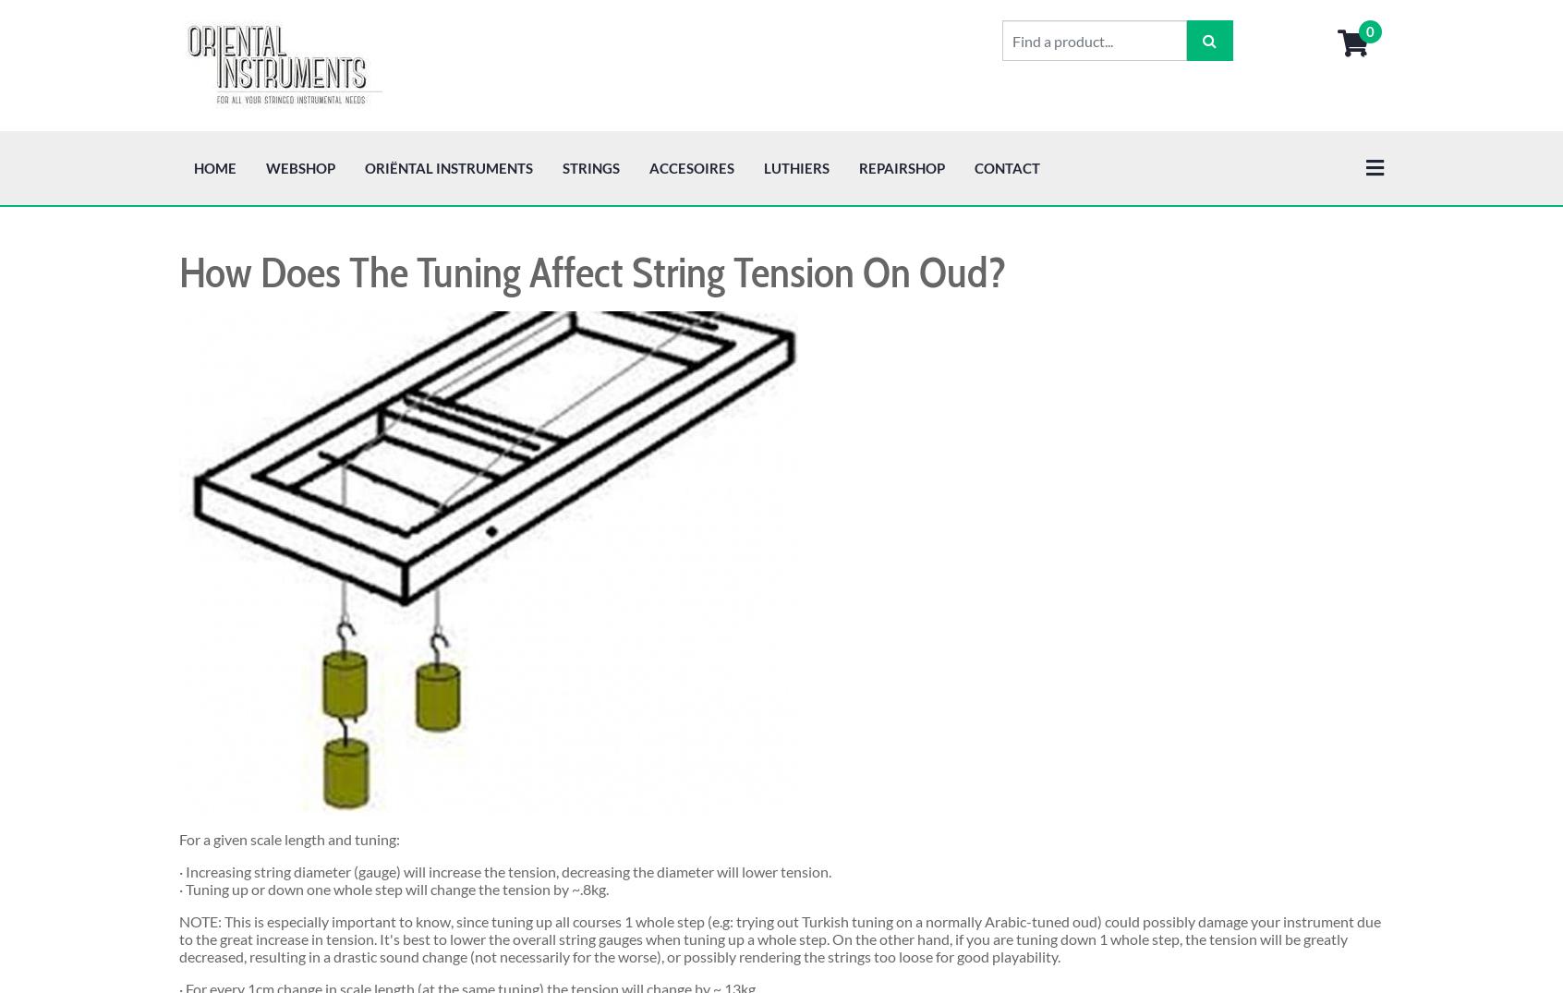 The image size is (1563, 993). What do you see at coordinates (219, 894) in the screenshot?
I see `'Prev'` at bounding box center [219, 894].